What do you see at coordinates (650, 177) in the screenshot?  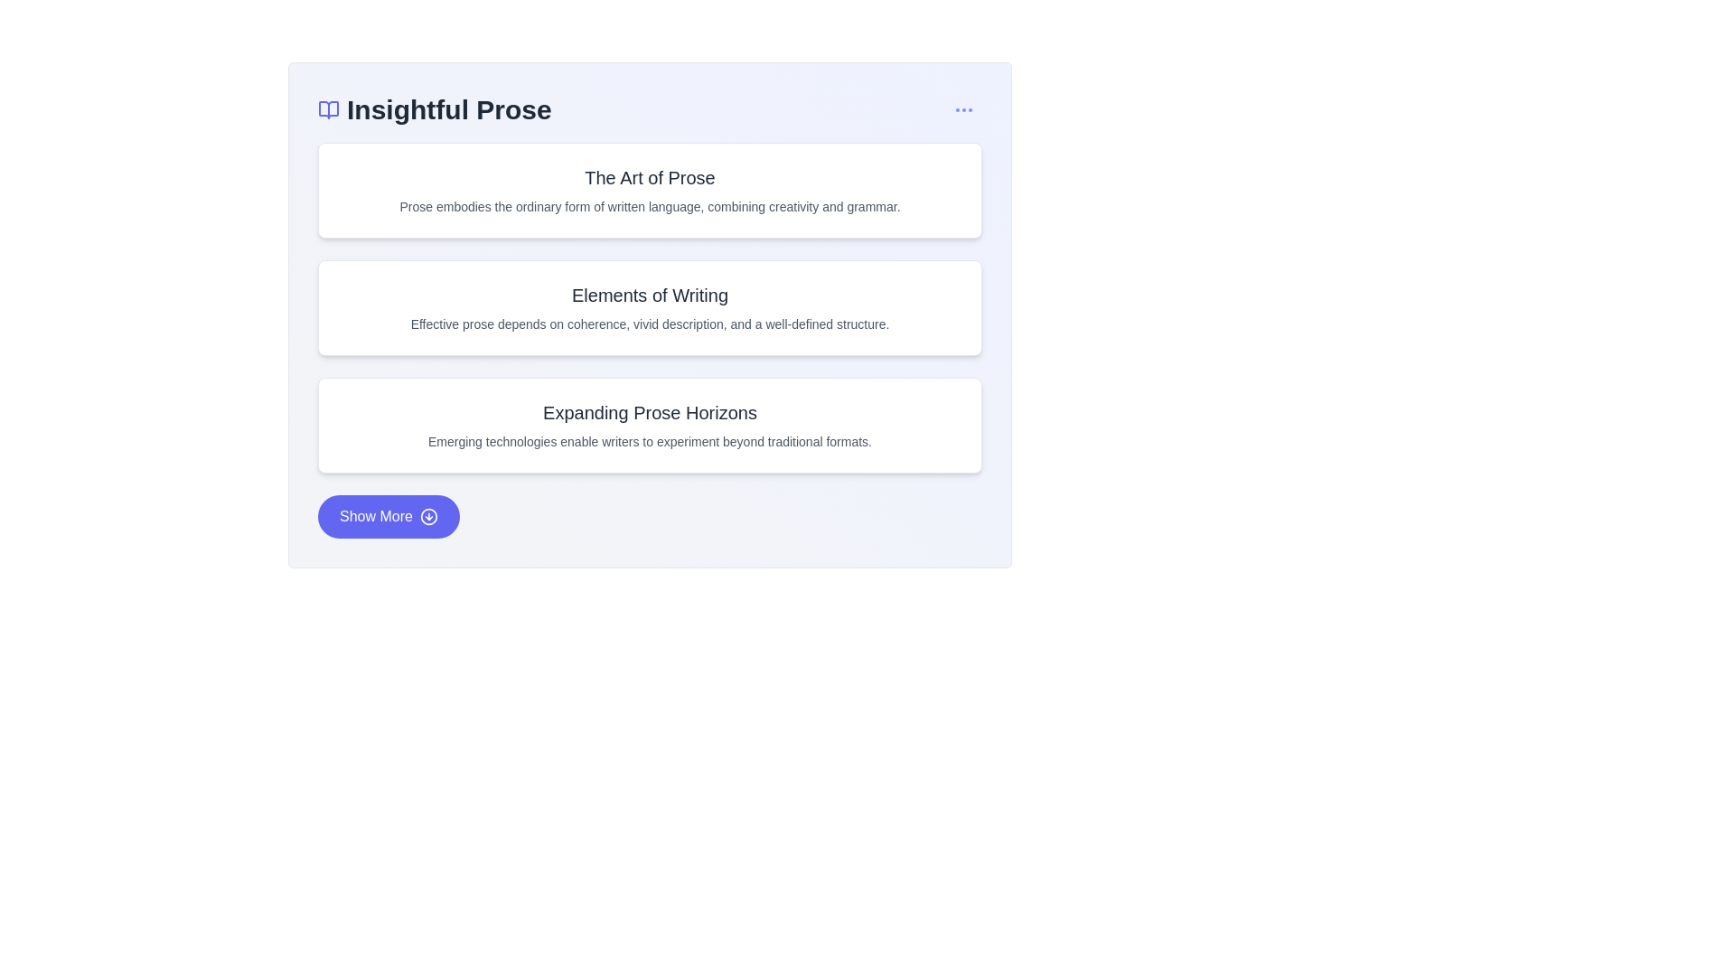 I see `the static text heading titled 'The Art of Prose', which is displayed in dark gray with a bold font at the top of a card-like section` at bounding box center [650, 177].